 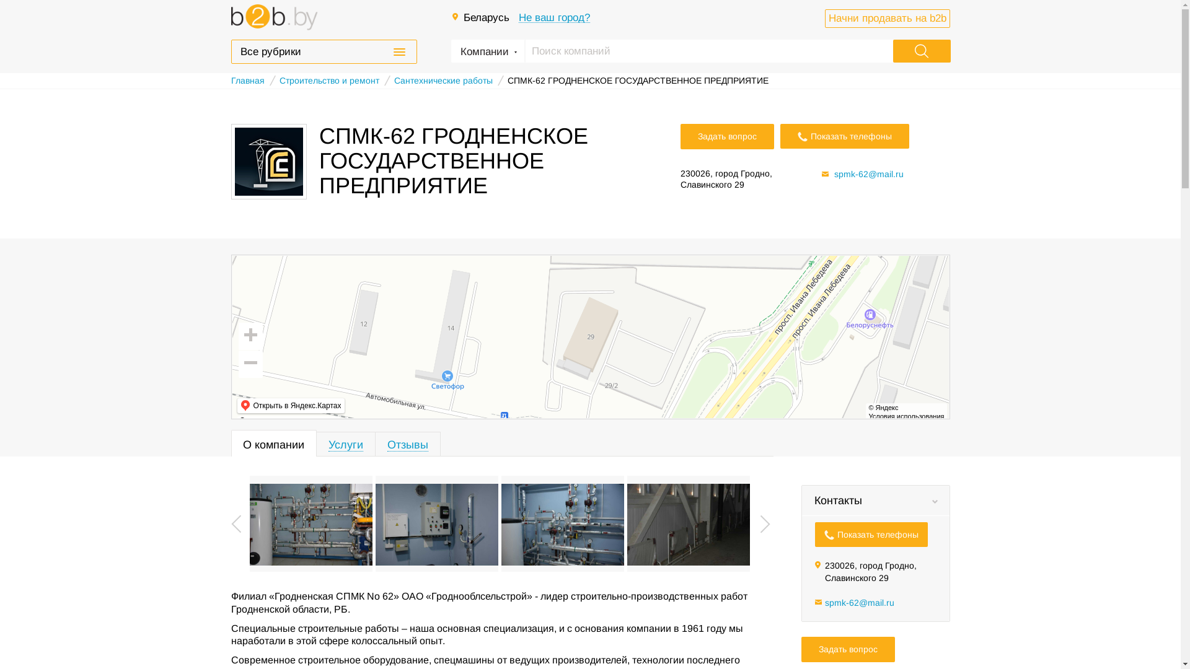 I want to click on 'Next', so click(x=764, y=523).